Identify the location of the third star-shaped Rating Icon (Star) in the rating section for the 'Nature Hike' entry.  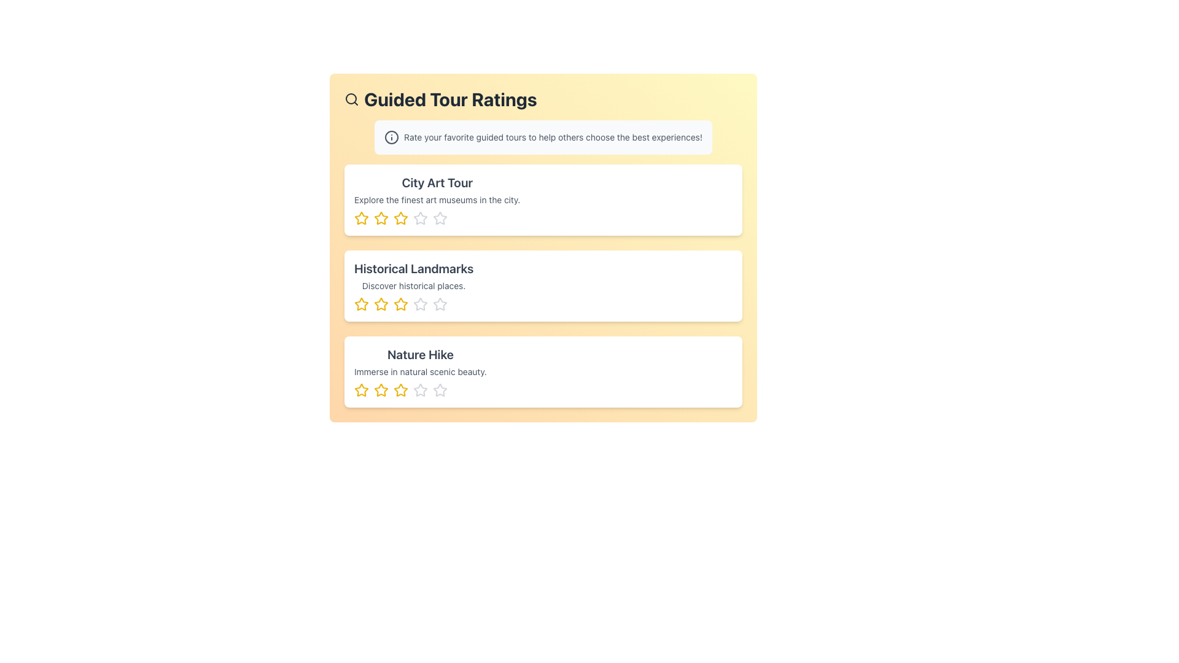
(380, 390).